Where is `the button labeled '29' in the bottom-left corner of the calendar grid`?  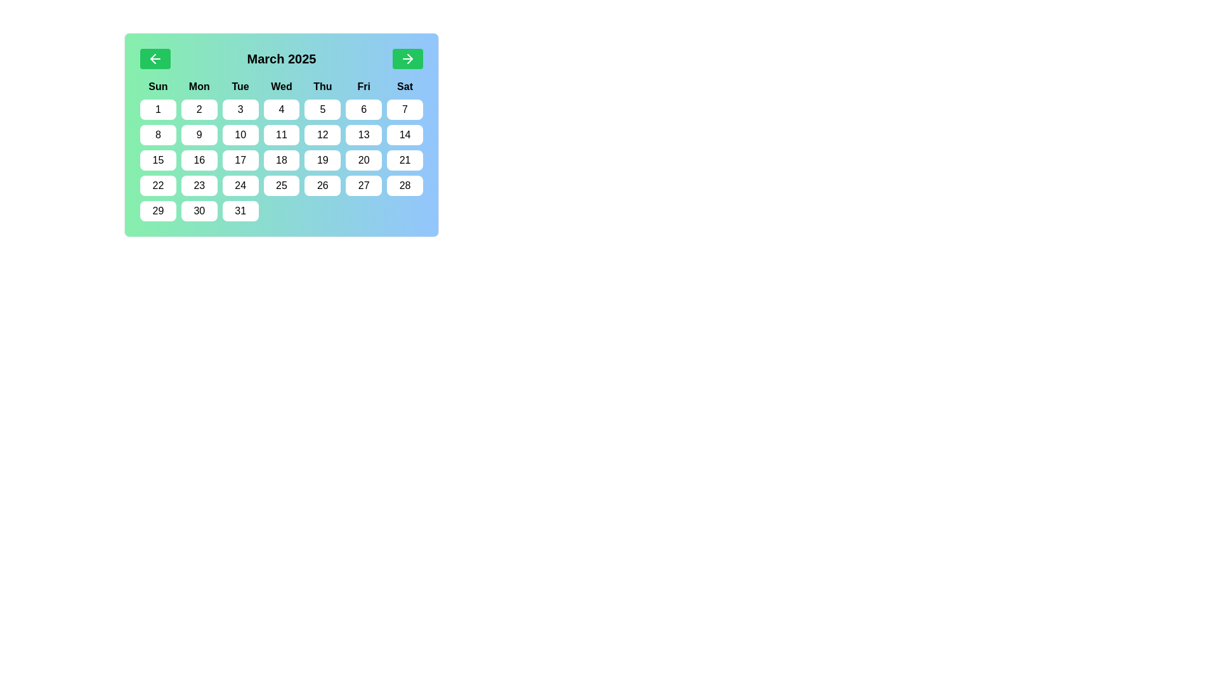 the button labeled '29' in the bottom-left corner of the calendar grid is located at coordinates (157, 210).